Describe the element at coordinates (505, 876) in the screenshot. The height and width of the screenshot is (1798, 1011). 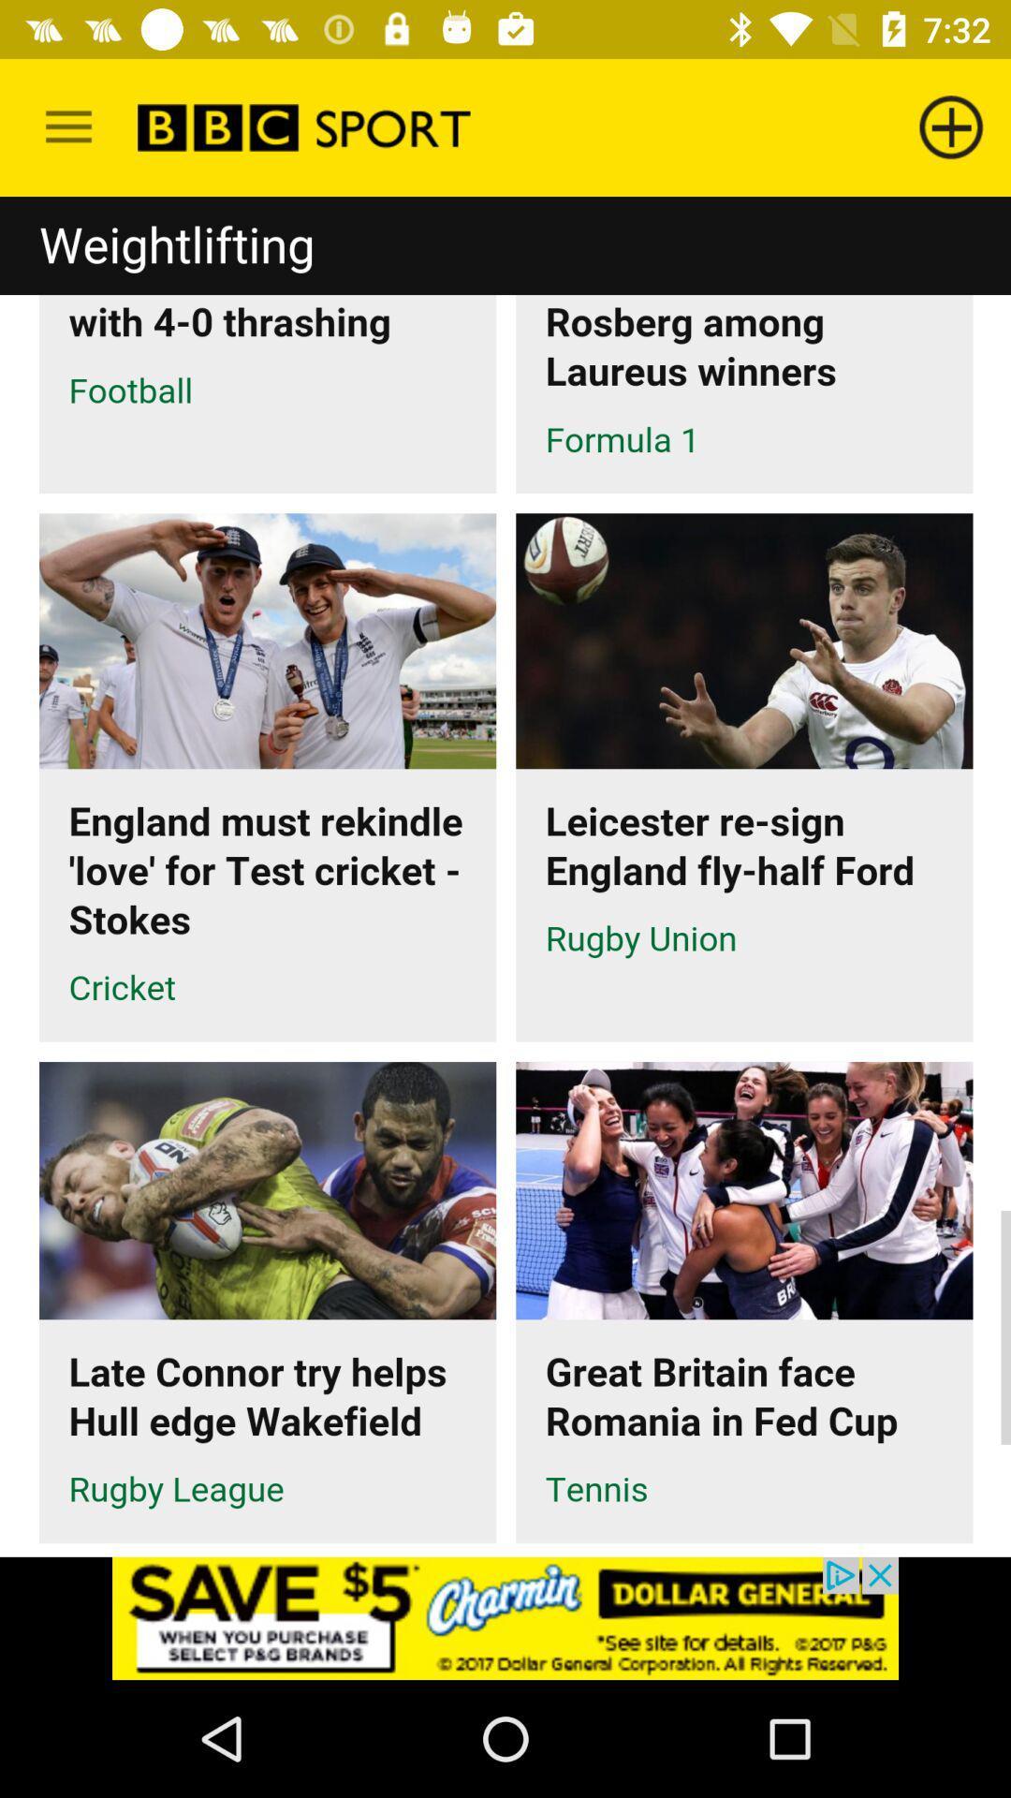
I see `article` at that location.